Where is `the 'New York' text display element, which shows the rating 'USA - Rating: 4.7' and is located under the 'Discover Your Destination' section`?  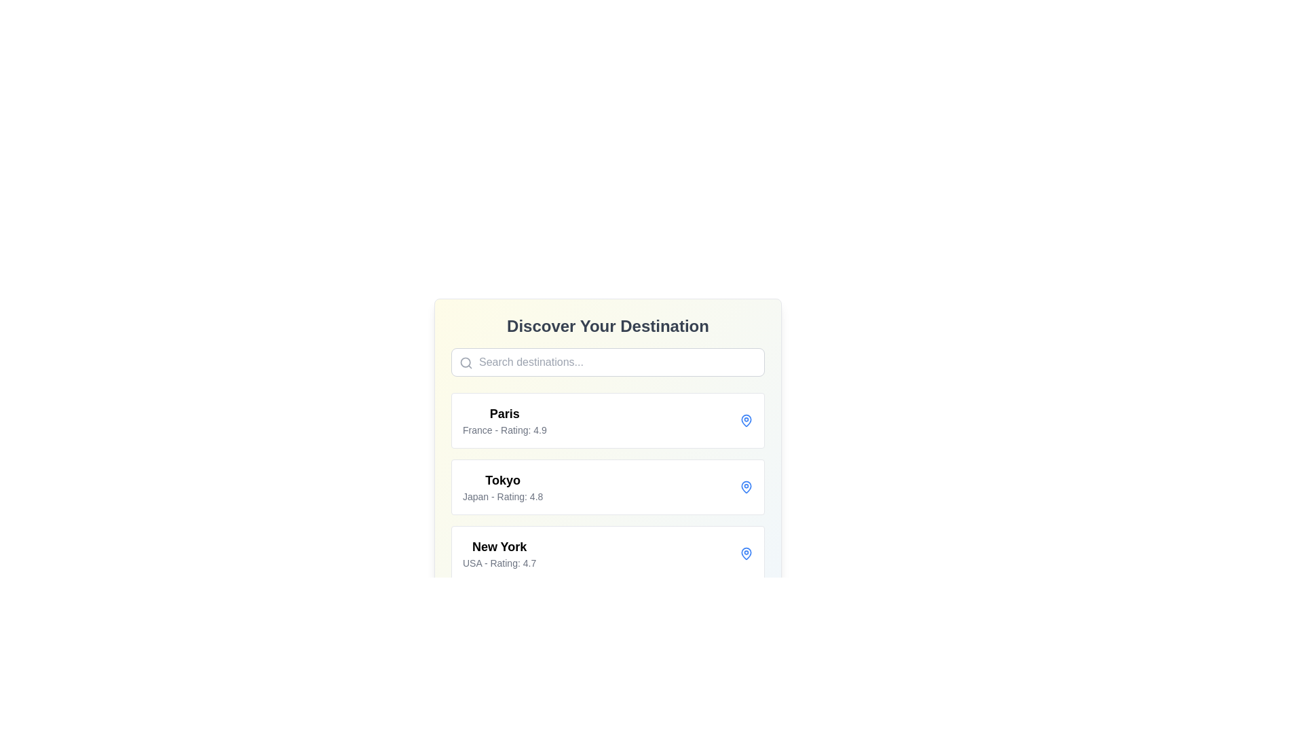 the 'New York' text display element, which shows the rating 'USA - Rating: 4.7' and is located under the 'Discover Your Destination' section is located at coordinates (499, 554).